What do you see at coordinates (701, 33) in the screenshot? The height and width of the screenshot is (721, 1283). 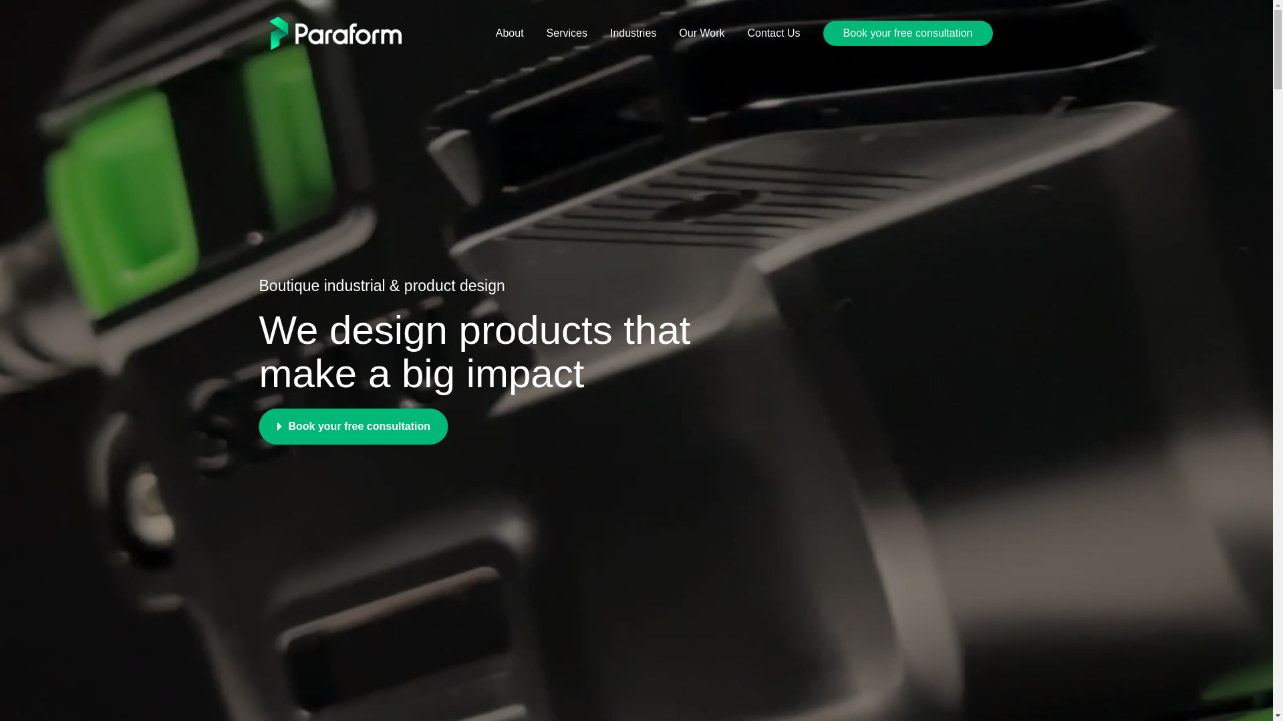 I see `'Our Work'` at bounding box center [701, 33].